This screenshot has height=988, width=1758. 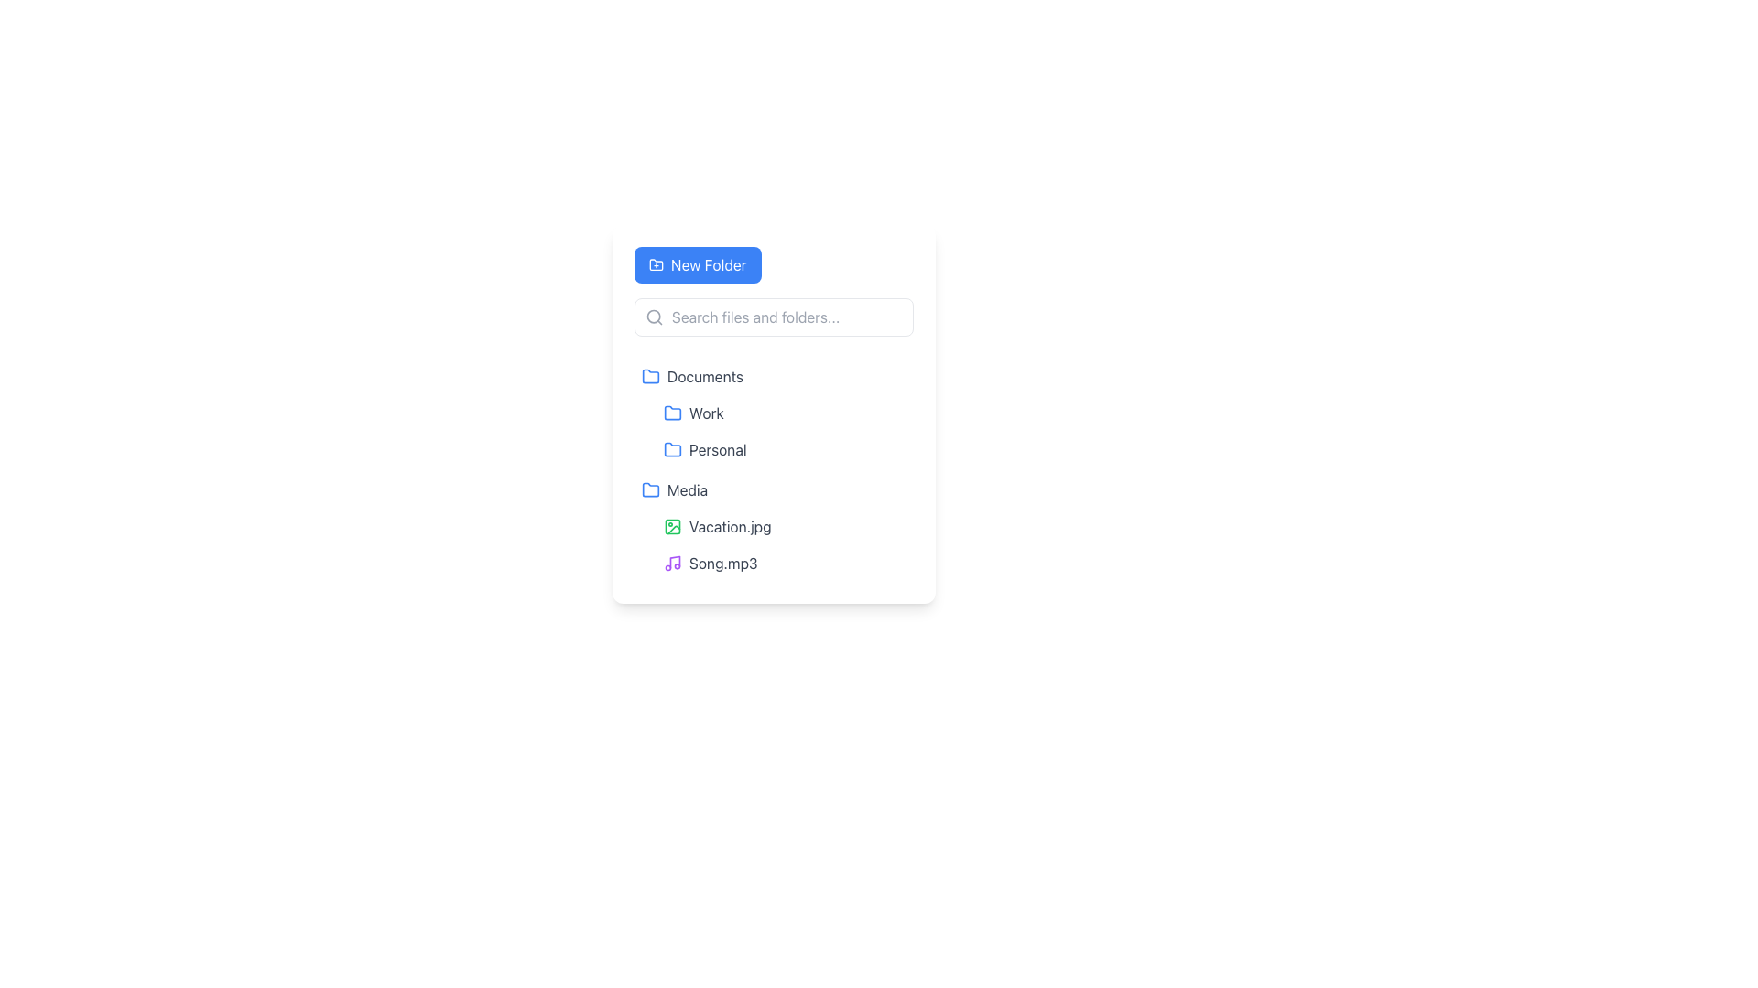 What do you see at coordinates (671, 450) in the screenshot?
I see `the Folder Icon that represents the 'Personal' category, located in the vertical list below the 'Work' entry and to the right of the 'Document' section` at bounding box center [671, 450].